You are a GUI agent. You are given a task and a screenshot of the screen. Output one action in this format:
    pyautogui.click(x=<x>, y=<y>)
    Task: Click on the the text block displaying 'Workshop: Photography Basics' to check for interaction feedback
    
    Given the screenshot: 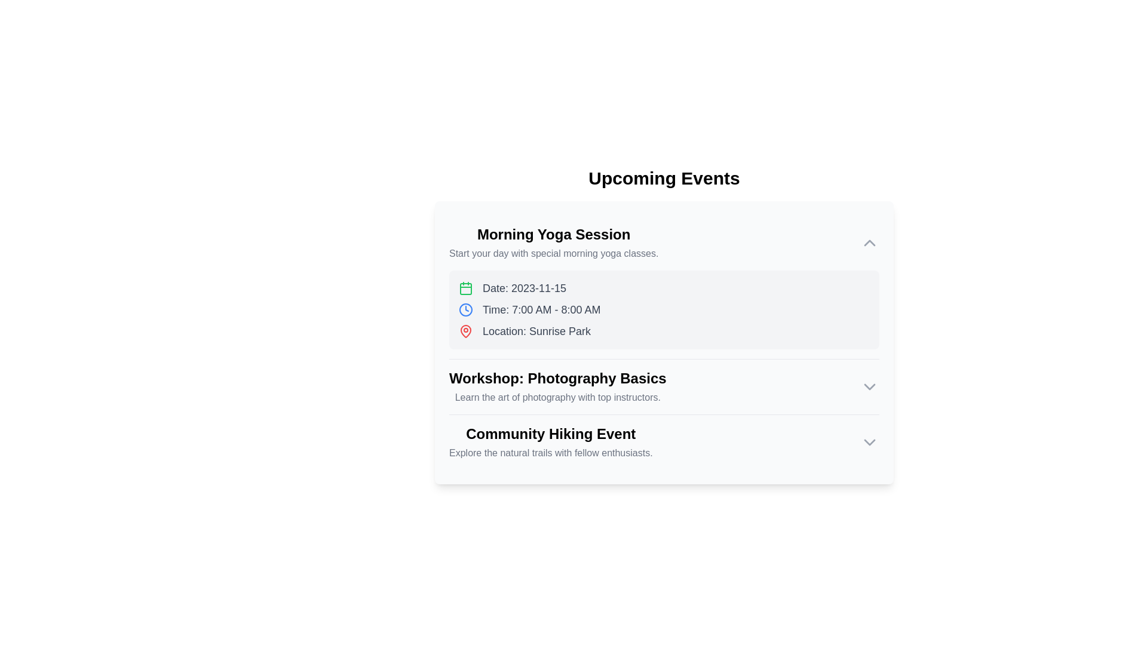 What is the action you would take?
    pyautogui.click(x=557, y=387)
    